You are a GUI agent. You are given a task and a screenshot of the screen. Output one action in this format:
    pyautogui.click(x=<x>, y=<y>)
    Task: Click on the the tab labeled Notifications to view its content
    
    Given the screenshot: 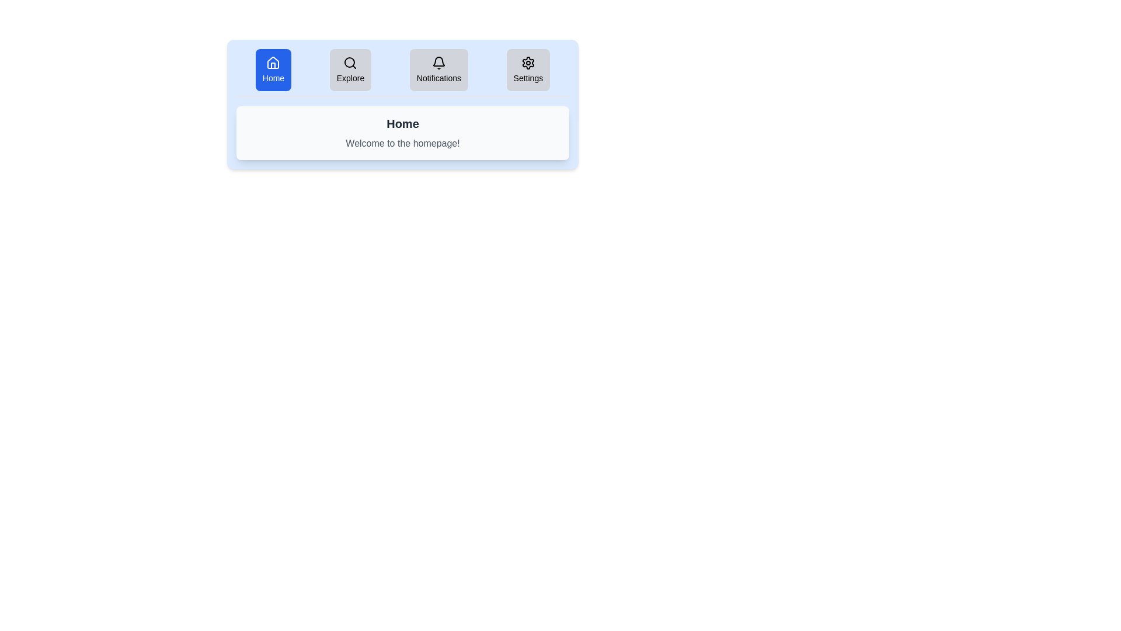 What is the action you would take?
    pyautogui.click(x=437, y=70)
    